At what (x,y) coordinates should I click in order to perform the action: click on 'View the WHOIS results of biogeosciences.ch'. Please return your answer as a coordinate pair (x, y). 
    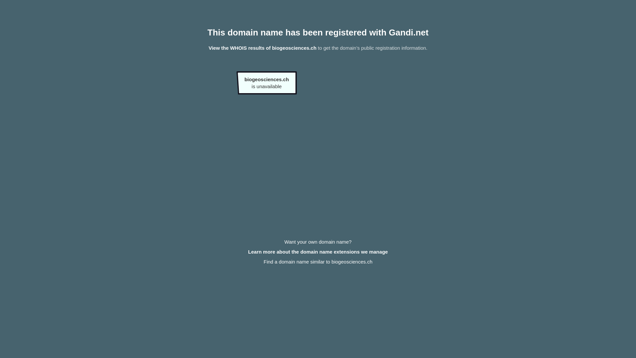
    Looking at the image, I should click on (208, 47).